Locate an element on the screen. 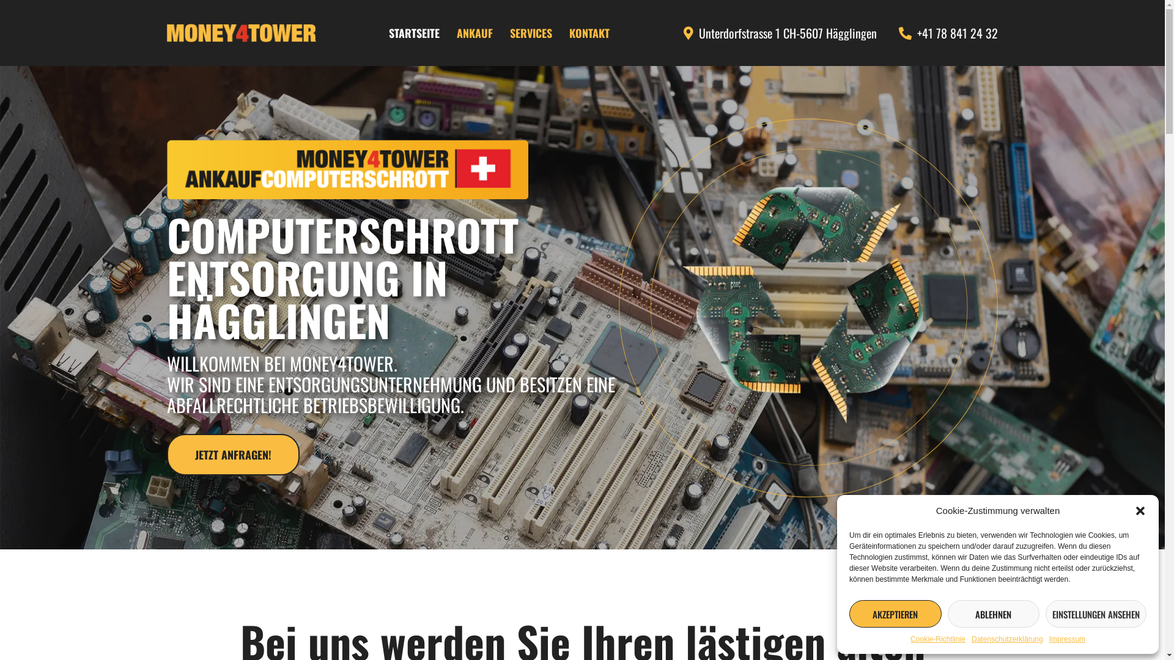 The image size is (1174, 660). 'ABLEHNEN' is located at coordinates (994, 614).